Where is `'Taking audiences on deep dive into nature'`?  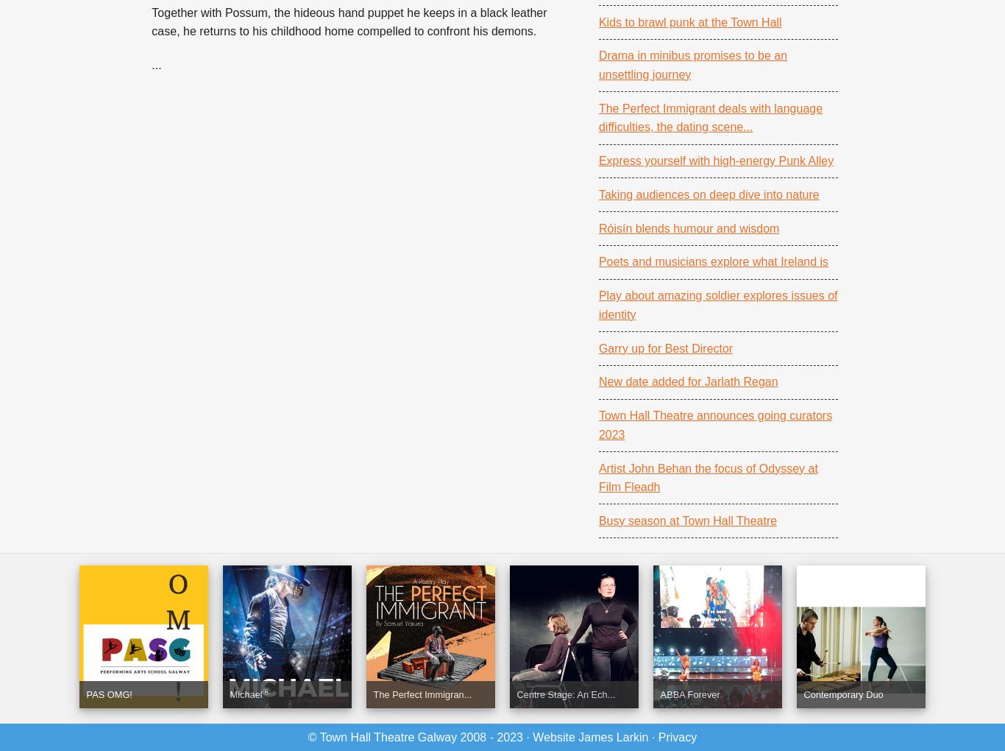
'Taking audiences on deep dive into nature' is located at coordinates (597, 193).